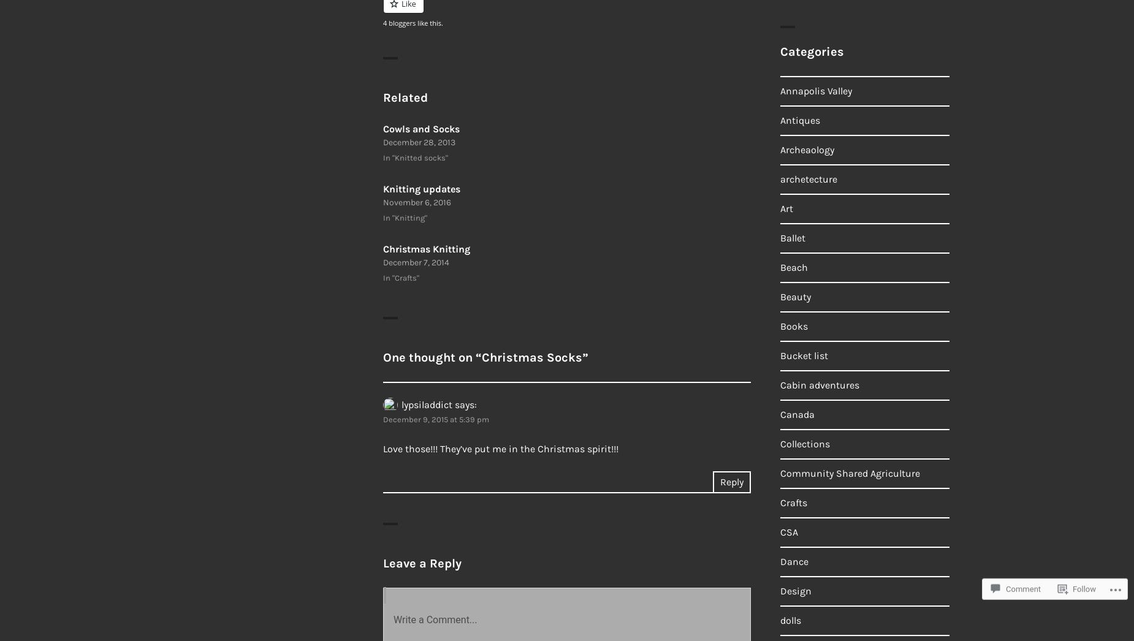 Image resolution: width=1134 pixels, height=641 pixels. Describe the element at coordinates (401, 404) in the screenshot. I see `'lypsiladdict'` at that location.